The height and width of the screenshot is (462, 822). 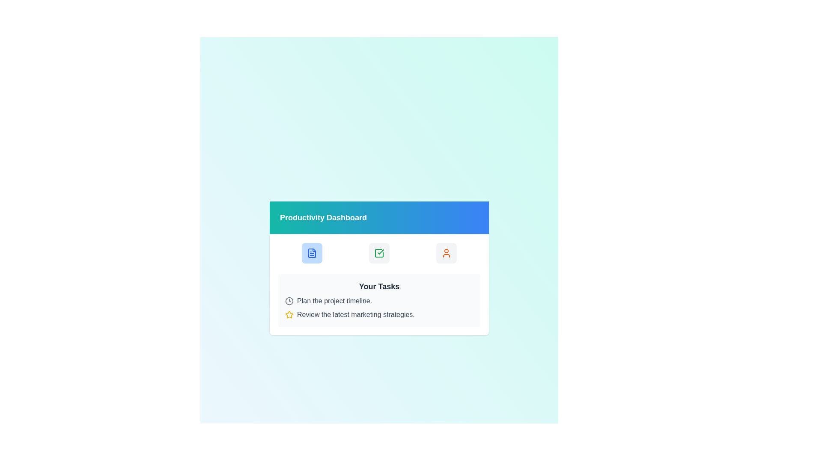 What do you see at coordinates (446, 252) in the screenshot?
I see `the square button with a light gray background and an orange user icon, located at the bottom of the Productivity Dashboard` at bounding box center [446, 252].